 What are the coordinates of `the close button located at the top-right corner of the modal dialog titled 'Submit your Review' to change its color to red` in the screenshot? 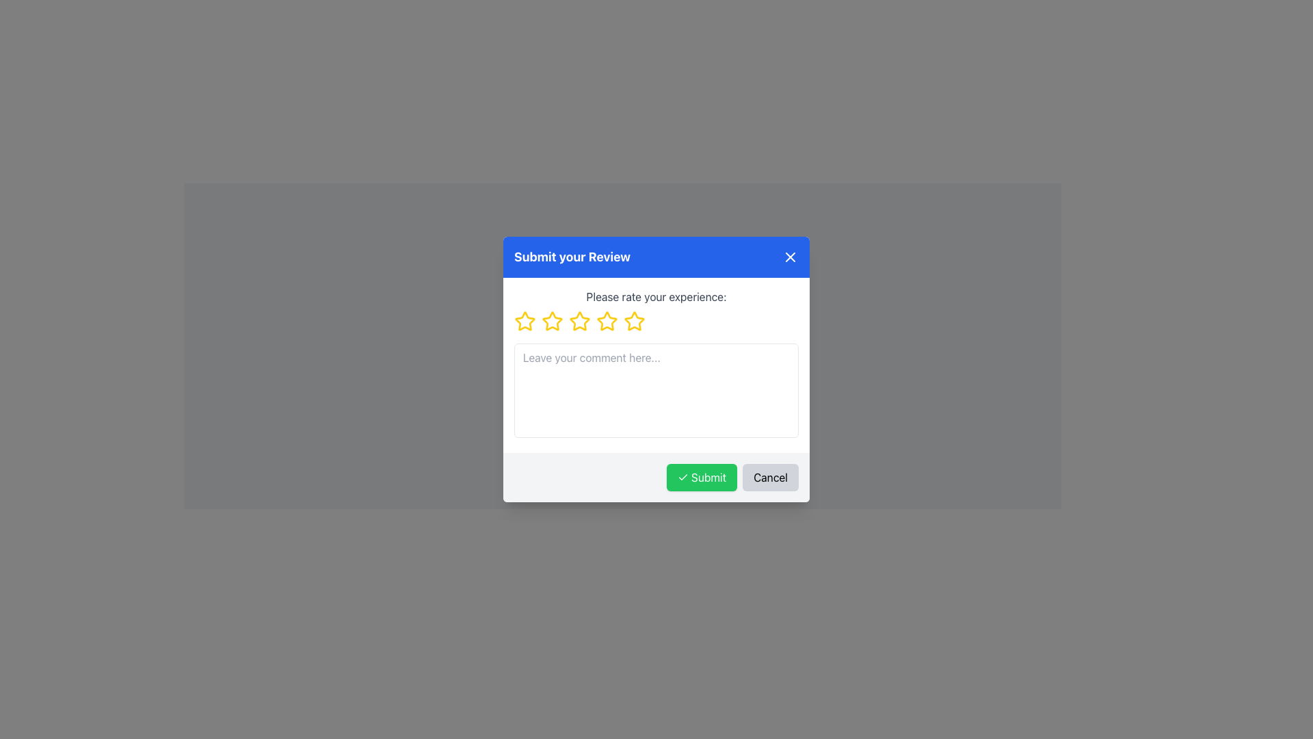 It's located at (791, 257).